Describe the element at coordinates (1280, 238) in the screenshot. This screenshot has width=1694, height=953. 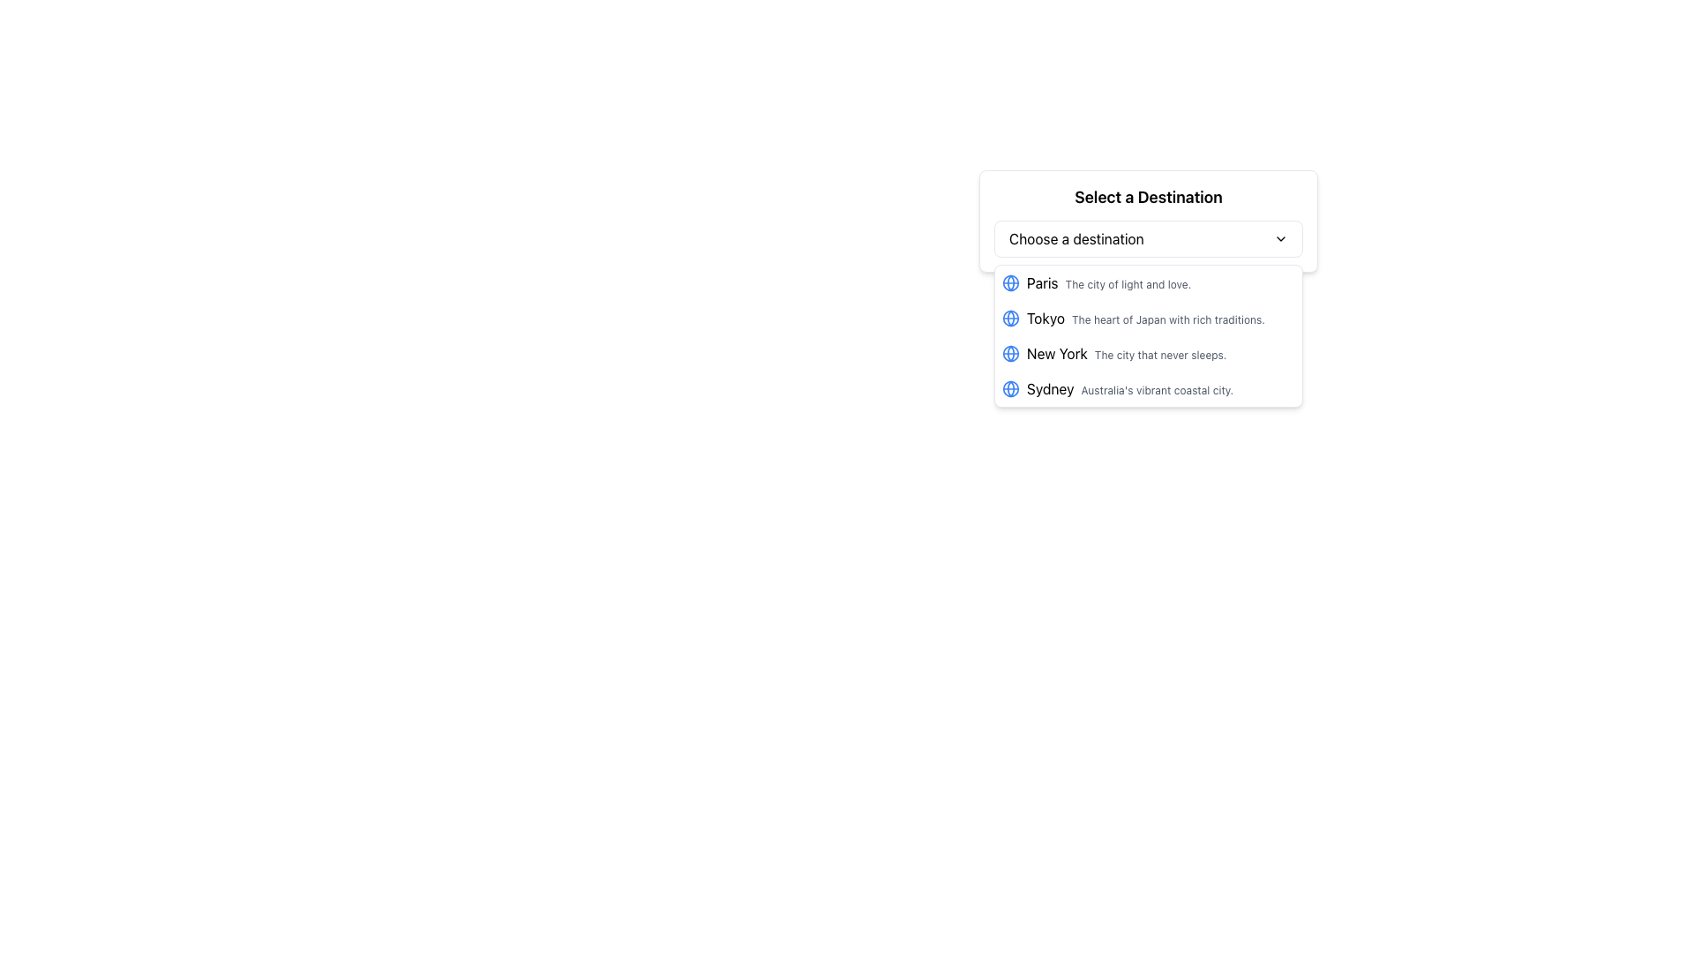
I see `the dropdown icon located on the far right side of the 'Choose a destination' field` at that location.